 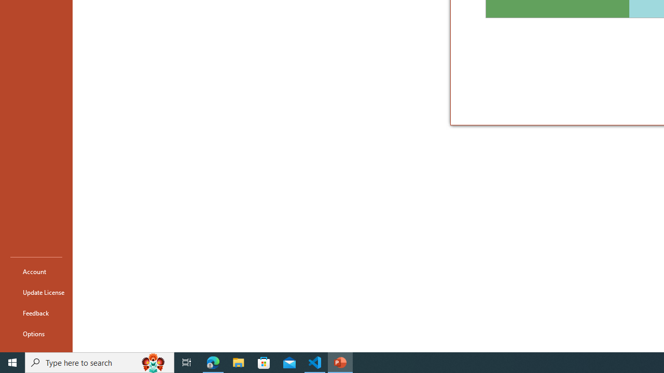 I want to click on 'Feedback', so click(x=36, y=312).